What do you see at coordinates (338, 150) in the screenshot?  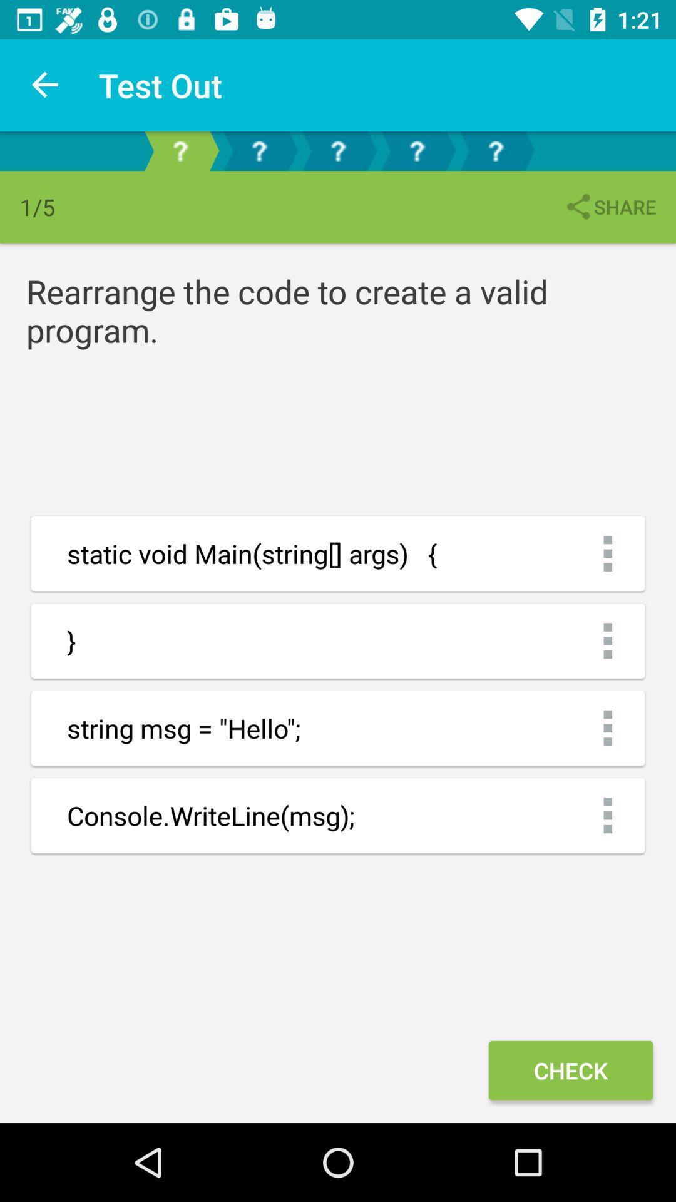 I see `next` at bounding box center [338, 150].